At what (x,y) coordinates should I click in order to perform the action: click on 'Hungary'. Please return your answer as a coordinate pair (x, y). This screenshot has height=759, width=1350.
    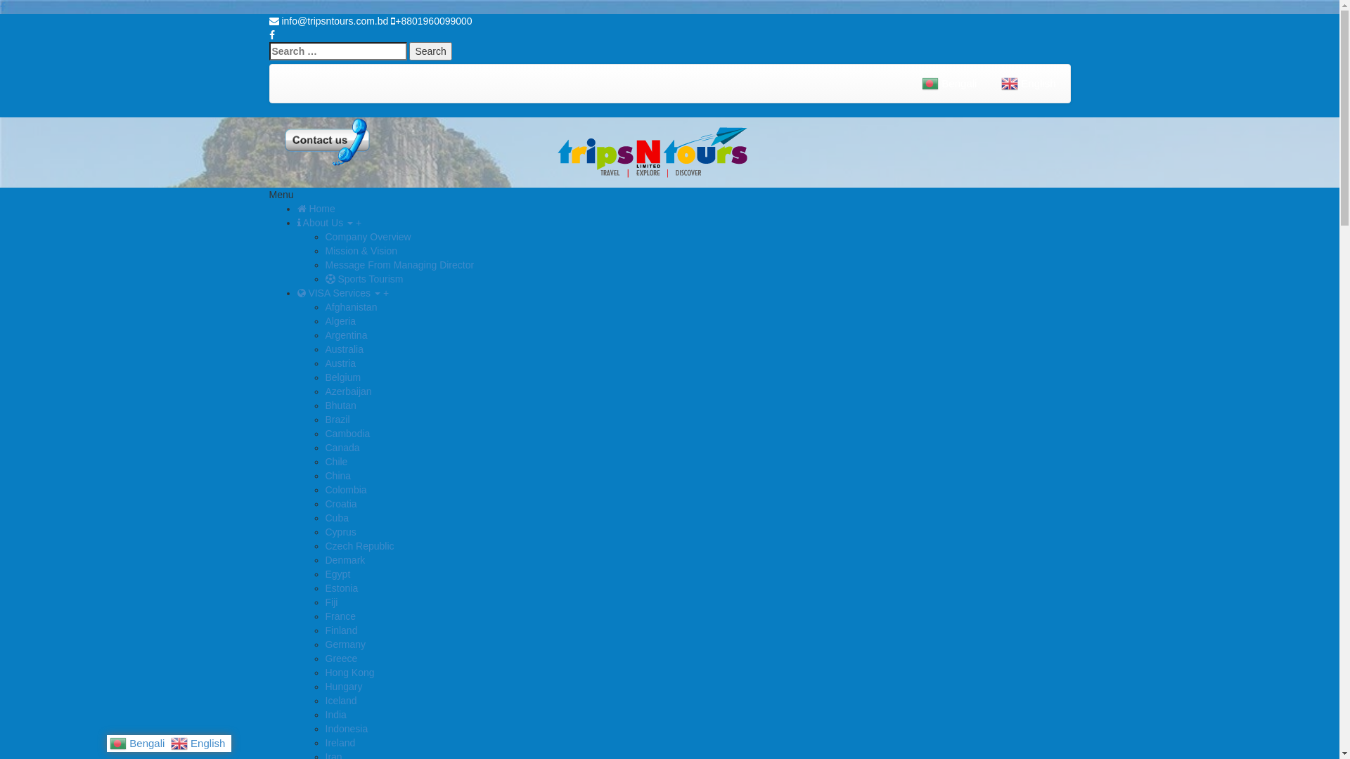
    Looking at the image, I should click on (343, 685).